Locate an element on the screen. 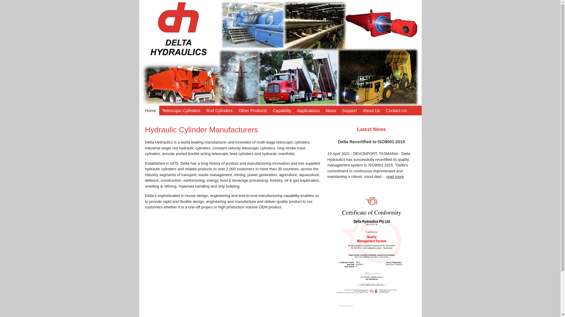  'Capability' is located at coordinates (282, 110).